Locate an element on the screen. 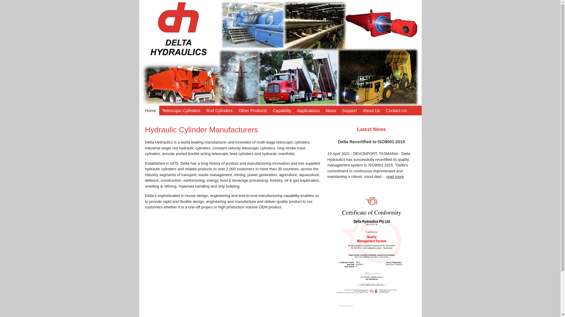  'Capability' is located at coordinates (282, 110).